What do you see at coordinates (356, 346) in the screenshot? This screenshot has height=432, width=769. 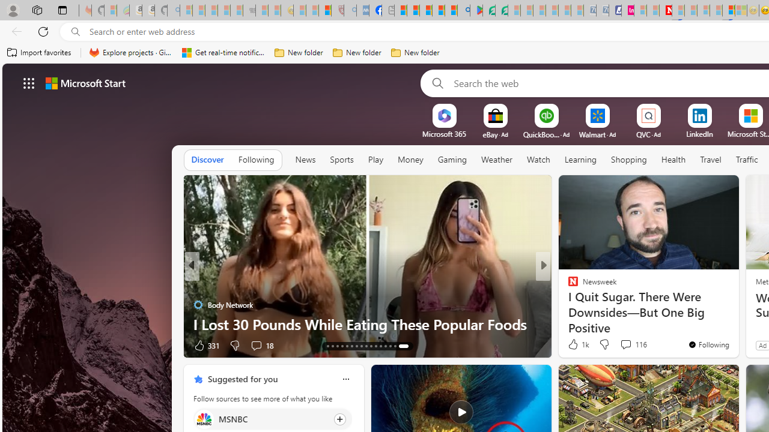 I see `'AutomationID: tab-19'` at bounding box center [356, 346].